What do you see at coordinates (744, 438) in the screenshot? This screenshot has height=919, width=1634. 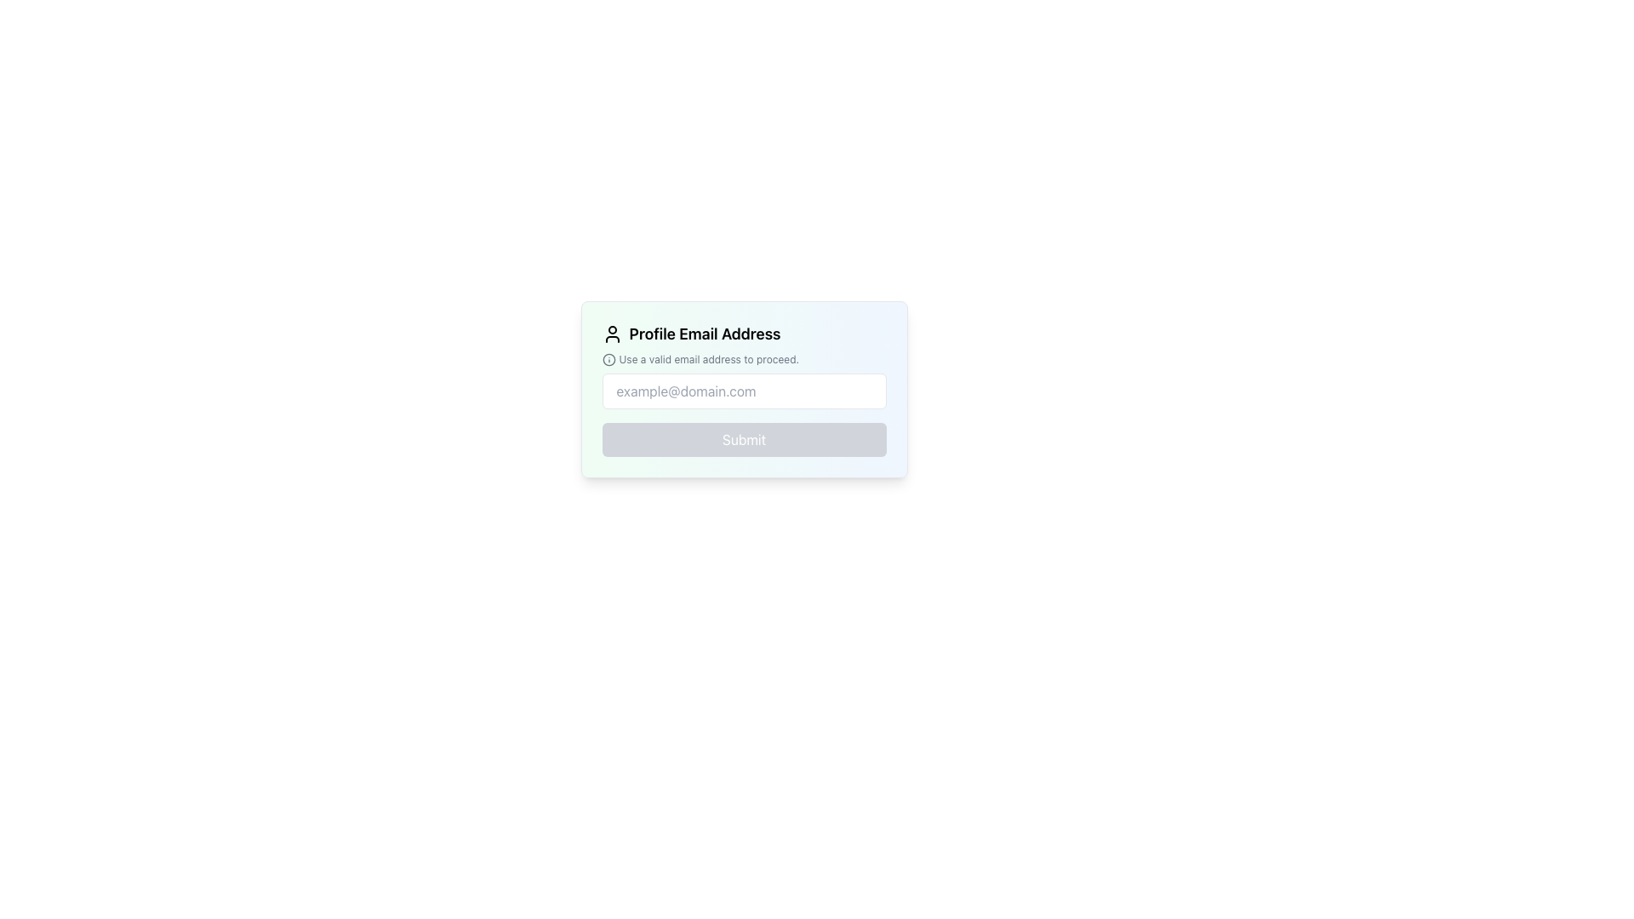 I see `the 'Submit' button with a blue background and white text located at the bottom of the 'Profile Email Address' card` at bounding box center [744, 438].